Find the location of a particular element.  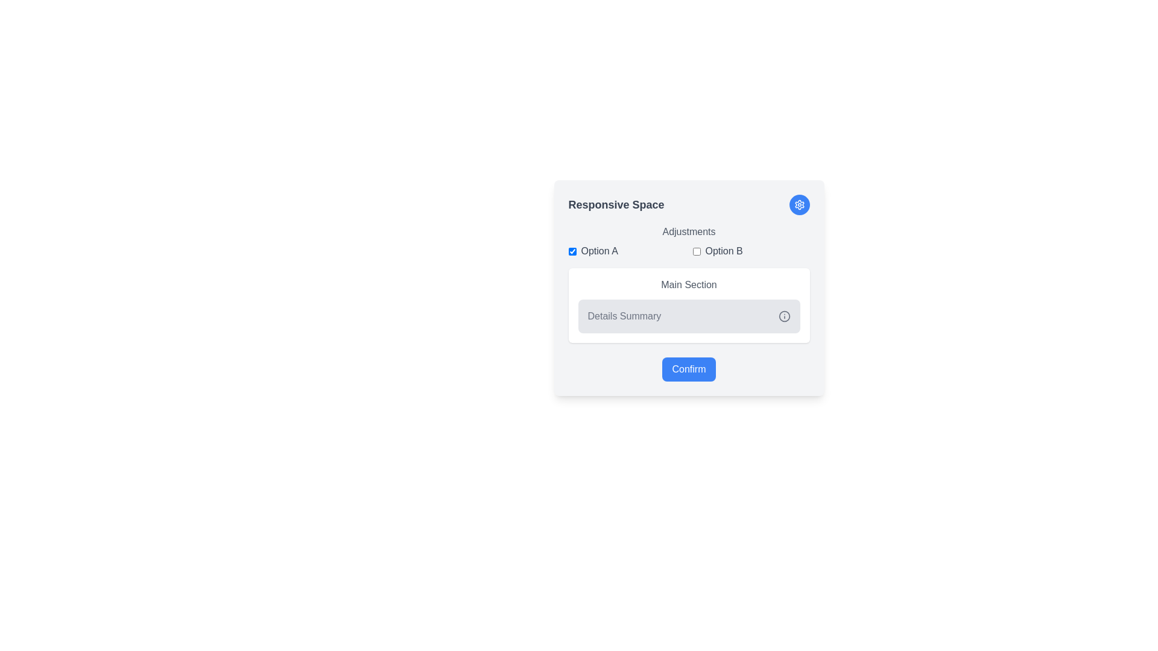

the header text label located at the top-left section of the card-style panel, which describes the section's purpose is located at coordinates (616, 204).